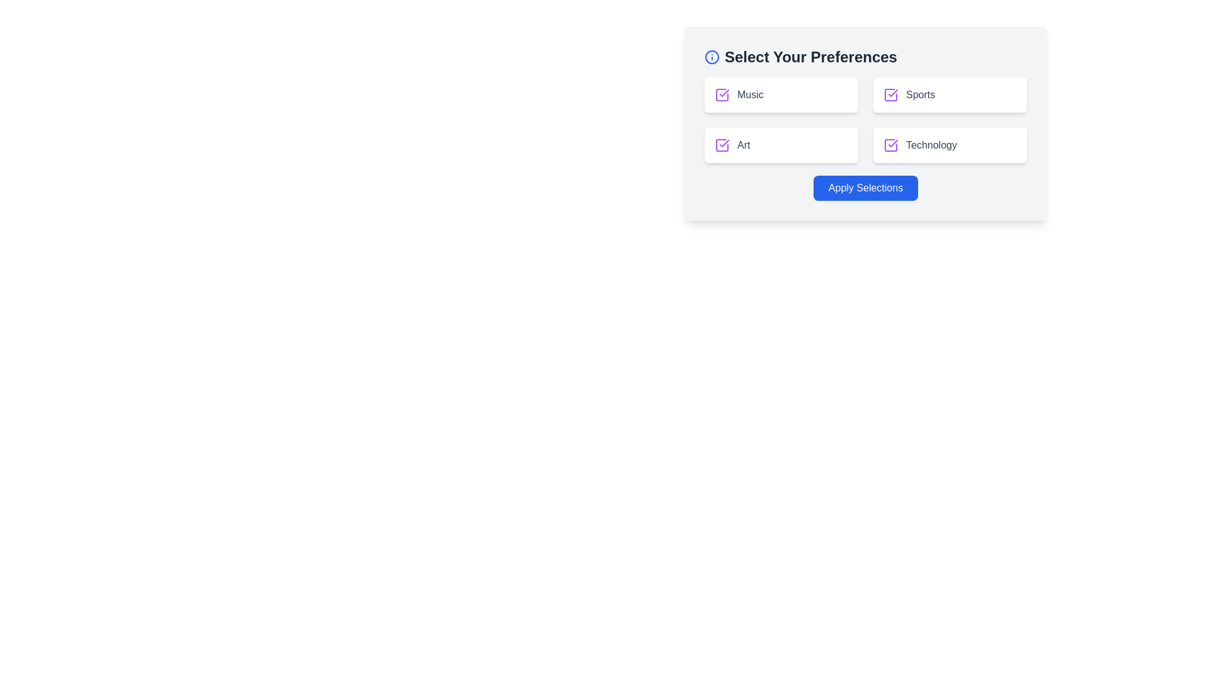  Describe the element at coordinates (950, 145) in the screenshot. I see `the group of checkboxes including the 'Technology' checkbox located in the bottom-right corner under the 'Select Your Preferences' header` at that location.